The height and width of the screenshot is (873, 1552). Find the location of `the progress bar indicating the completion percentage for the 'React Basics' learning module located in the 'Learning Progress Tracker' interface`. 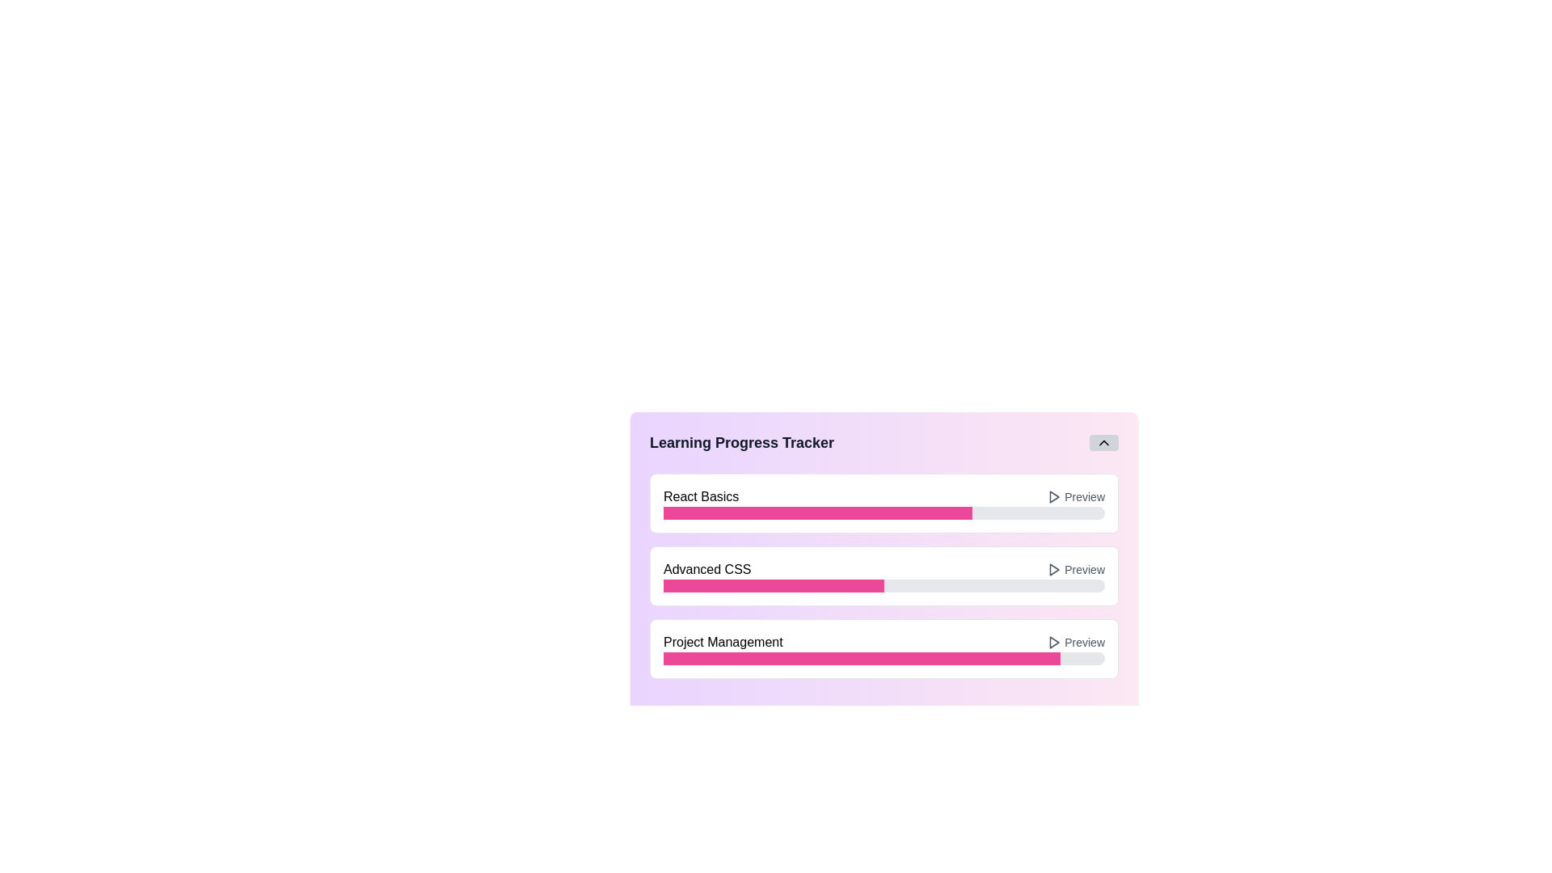

the progress bar indicating the completion percentage for the 'React Basics' learning module located in the 'Learning Progress Tracker' interface is located at coordinates (884, 513).